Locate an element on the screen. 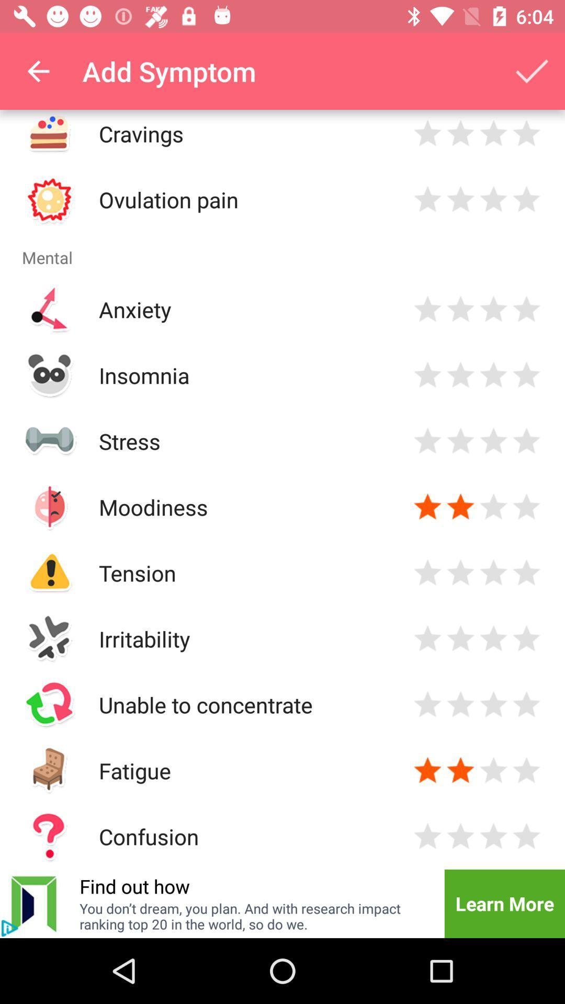 The height and width of the screenshot is (1004, 565). rate tension symptom with 1 star is located at coordinates (427, 572).